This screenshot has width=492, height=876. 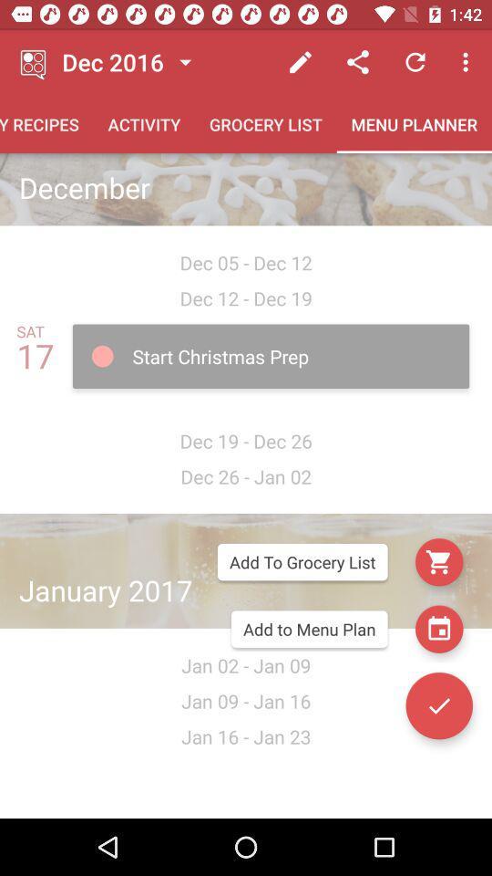 What do you see at coordinates (438, 561) in the screenshot?
I see `the cart icon` at bounding box center [438, 561].